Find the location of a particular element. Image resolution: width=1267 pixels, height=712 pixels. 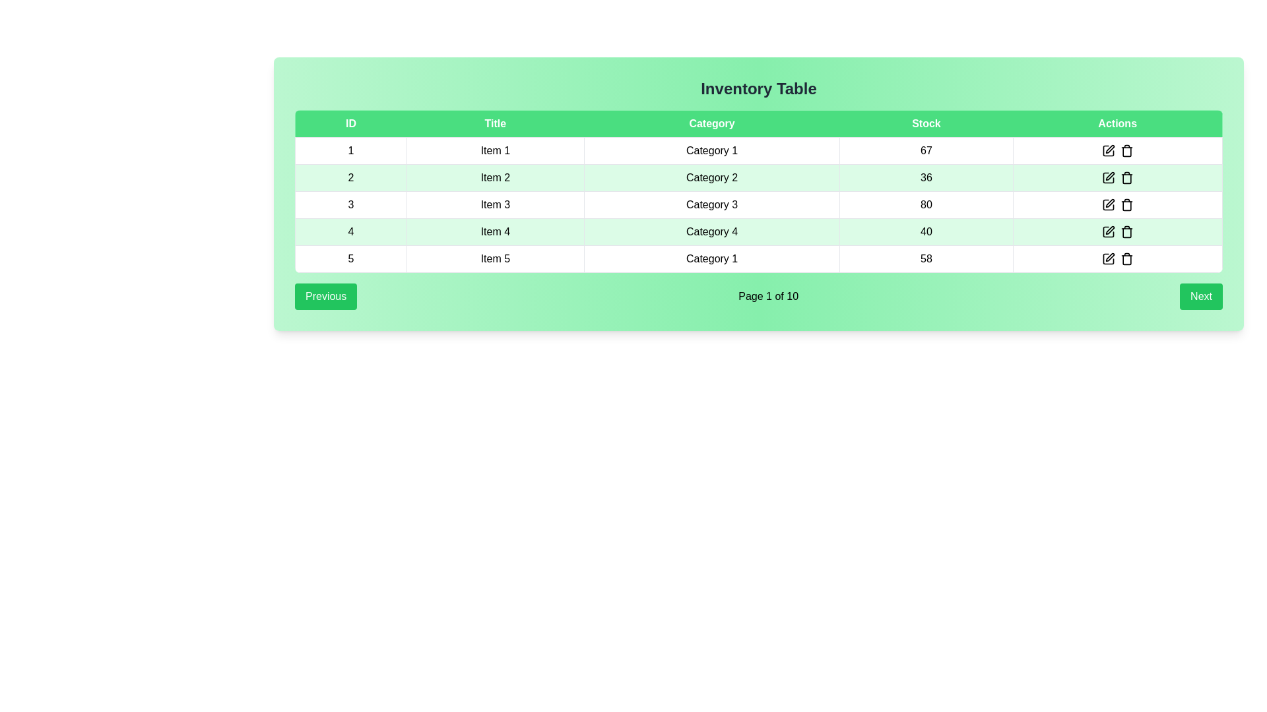

the leftmost action button in the fourth row of the 'Actions' column in the data table is located at coordinates (1109, 205).